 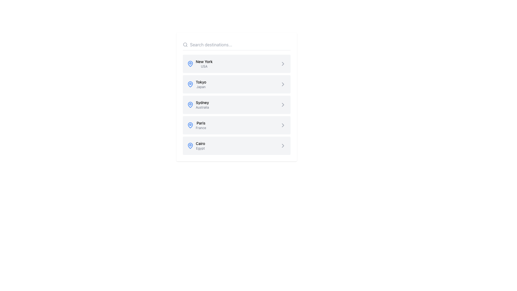 What do you see at coordinates (190, 105) in the screenshot?
I see `the geographical location icon located in the third list item of a vertical list of destinations` at bounding box center [190, 105].